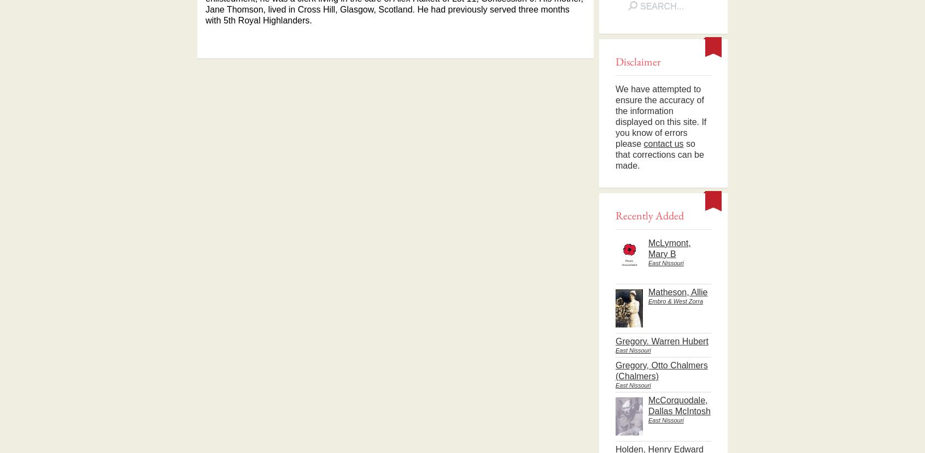 Image resolution: width=925 pixels, height=453 pixels. Describe the element at coordinates (678, 292) in the screenshot. I see `'Matheson, Allie'` at that location.